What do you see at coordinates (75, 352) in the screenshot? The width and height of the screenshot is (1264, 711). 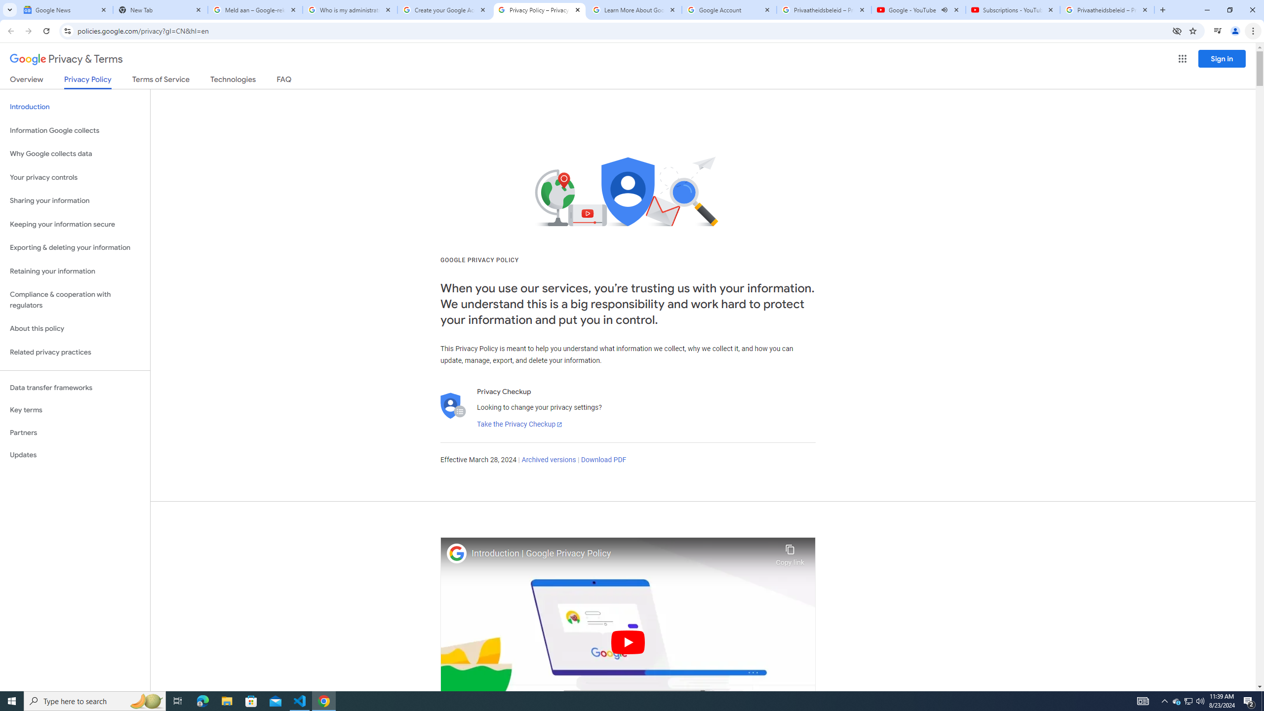 I see `'Related privacy practices'` at bounding box center [75, 352].